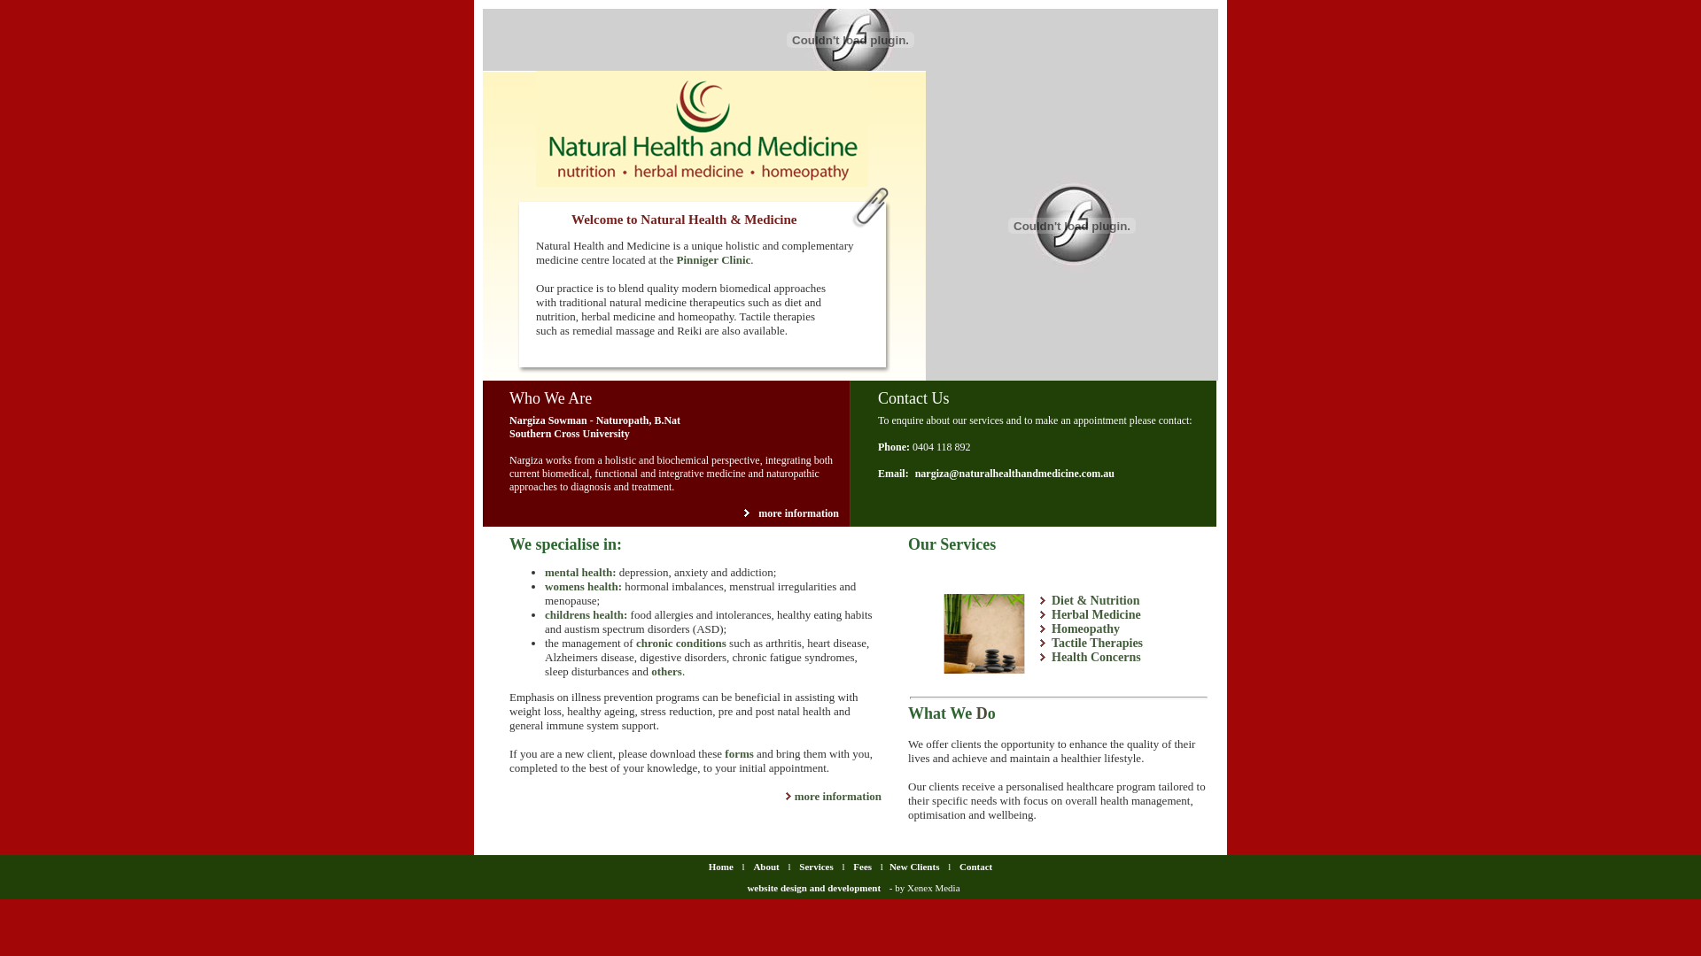 Image resolution: width=1701 pixels, height=956 pixels. What do you see at coordinates (739, 753) in the screenshot?
I see `'forms'` at bounding box center [739, 753].